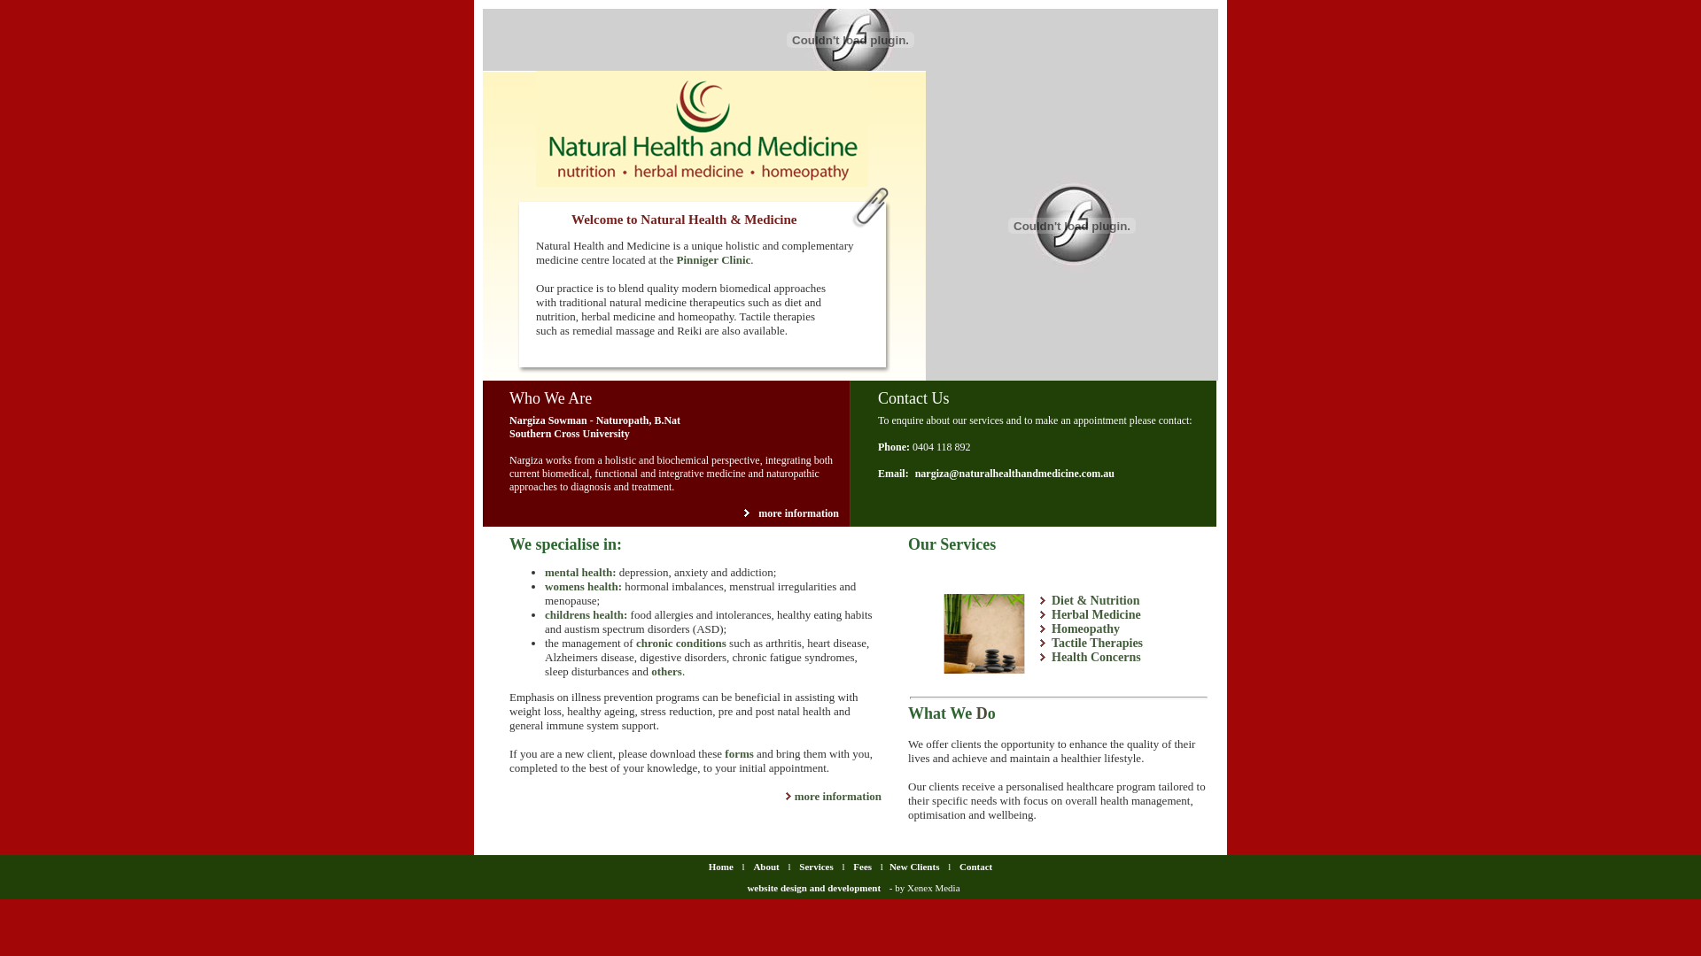 Image resolution: width=1701 pixels, height=956 pixels. What do you see at coordinates (739, 753) in the screenshot?
I see `'forms'` at bounding box center [739, 753].